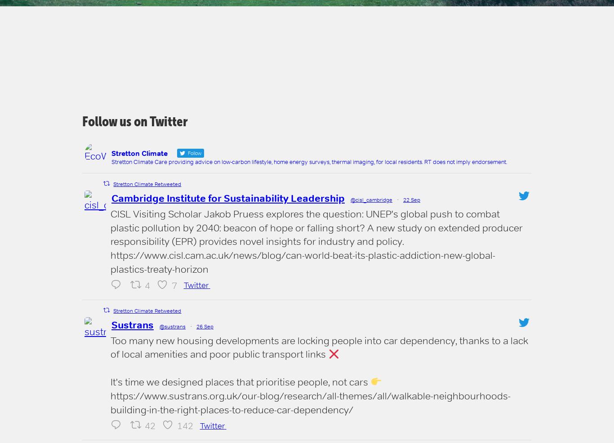  What do you see at coordinates (311, 402) in the screenshot?
I see `'https://www.sustrans.org.uk/our-blog/research/all-themes/all/walkable-neighbourhoods-building-in-the-right-places-to-reduce-car-dependency/'` at bounding box center [311, 402].